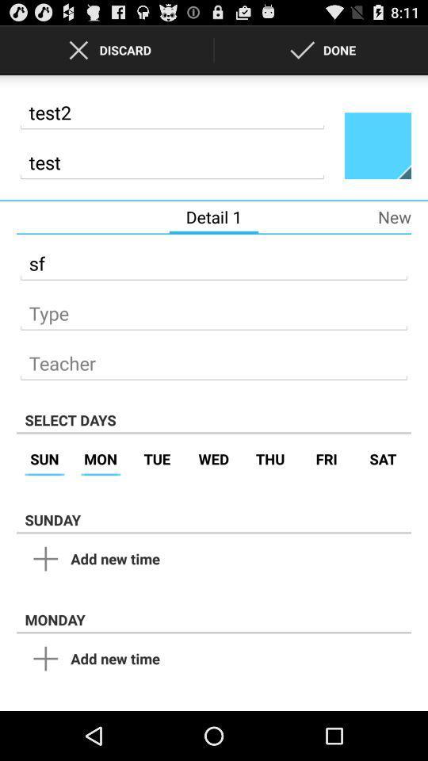  I want to click on type of class, so click(214, 308).